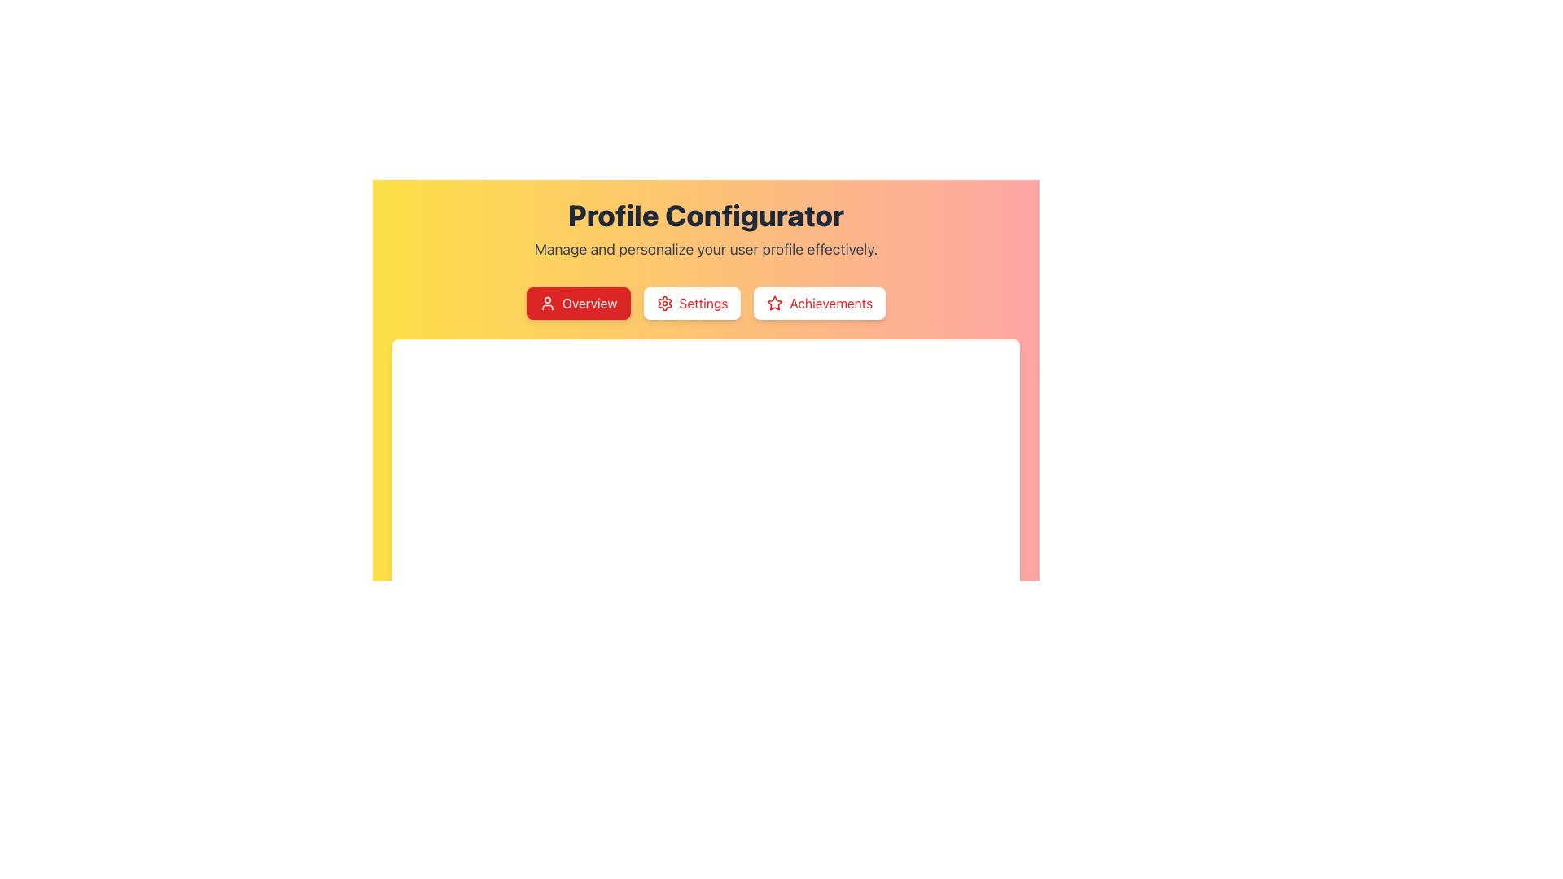 This screenshot has width=1563, height=879. I want to click on the navigation button labeled 'Overview' located below the 'Profile Configurator' heading, so click(578, 304).